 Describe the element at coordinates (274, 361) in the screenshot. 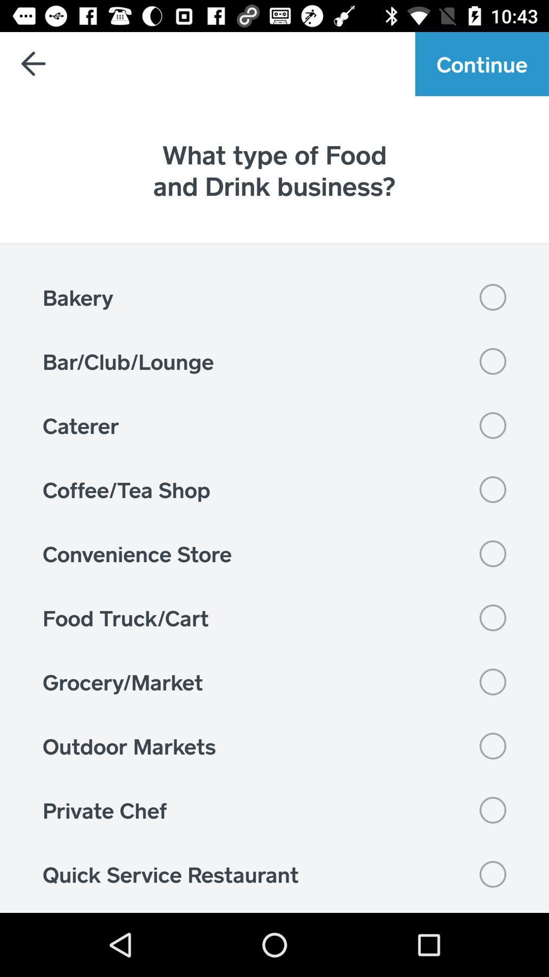

I see `bar/club/lounge icon` at that location.